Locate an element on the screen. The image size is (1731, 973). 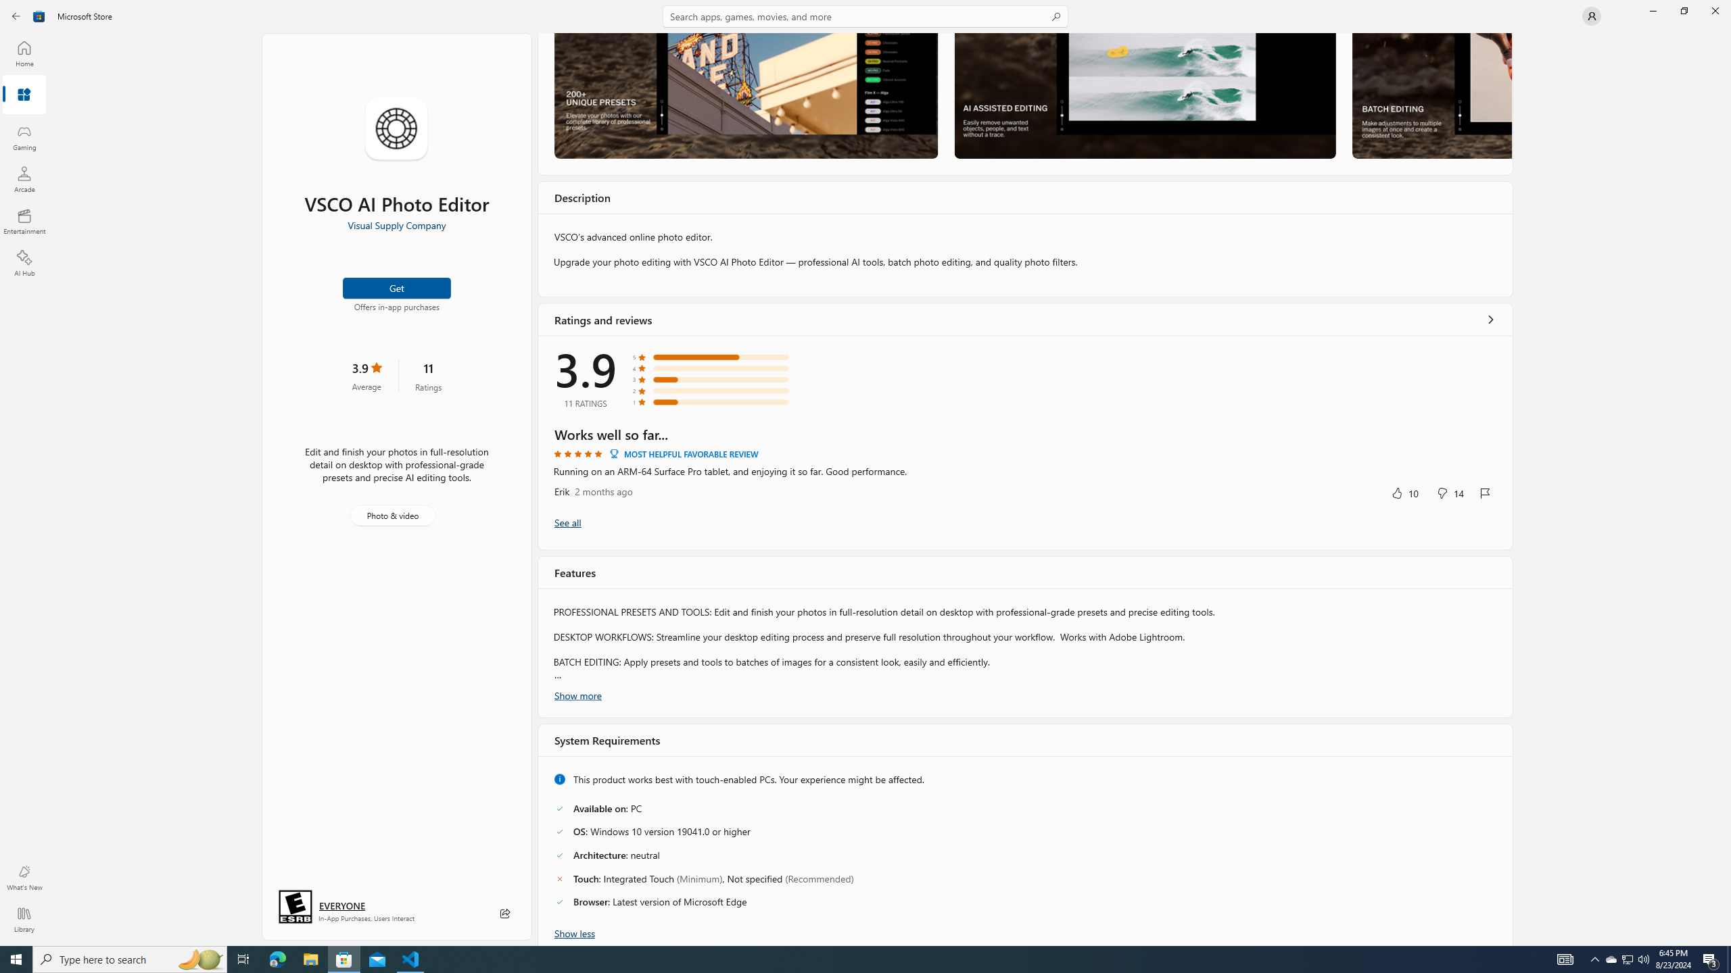
'Report review' is located at coordinates (1485, 493).